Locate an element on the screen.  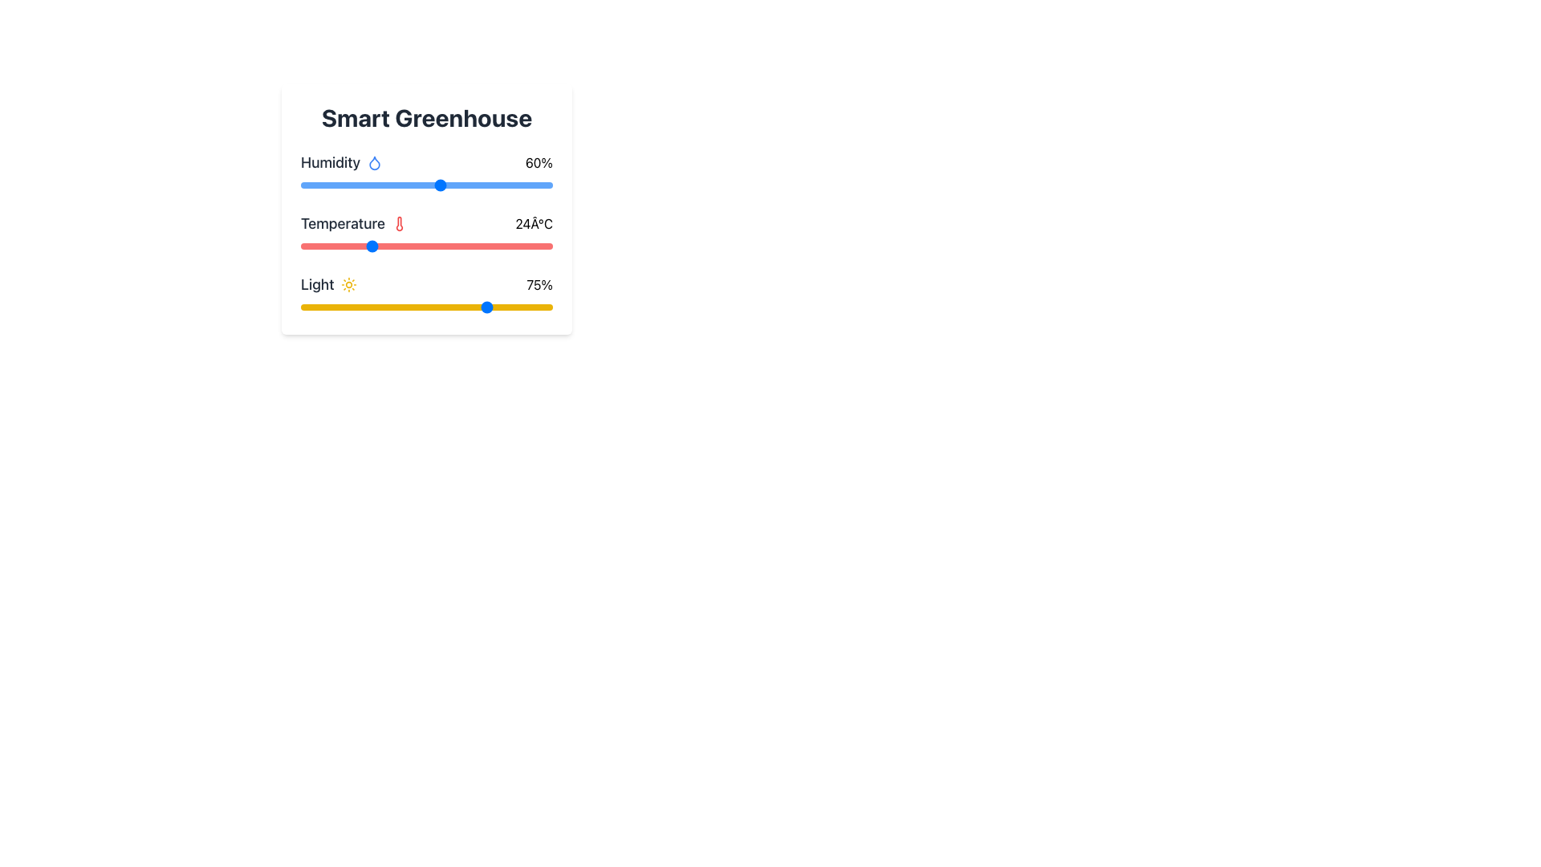
displayed temperature value from the text label showing '24Â°C', which is styled in black and located next to a temperature slider with a red bar is located at coordinates (534, 223).